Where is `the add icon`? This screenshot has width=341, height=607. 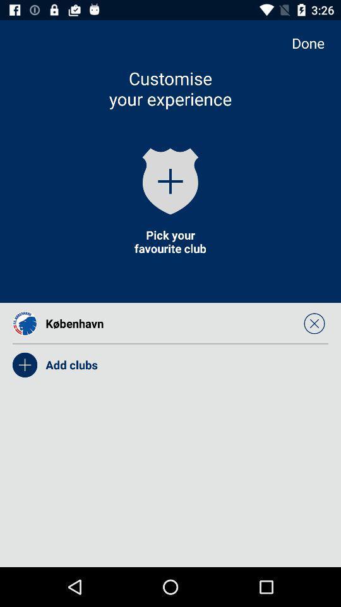 the add icon is located at coordinates (170, 180).